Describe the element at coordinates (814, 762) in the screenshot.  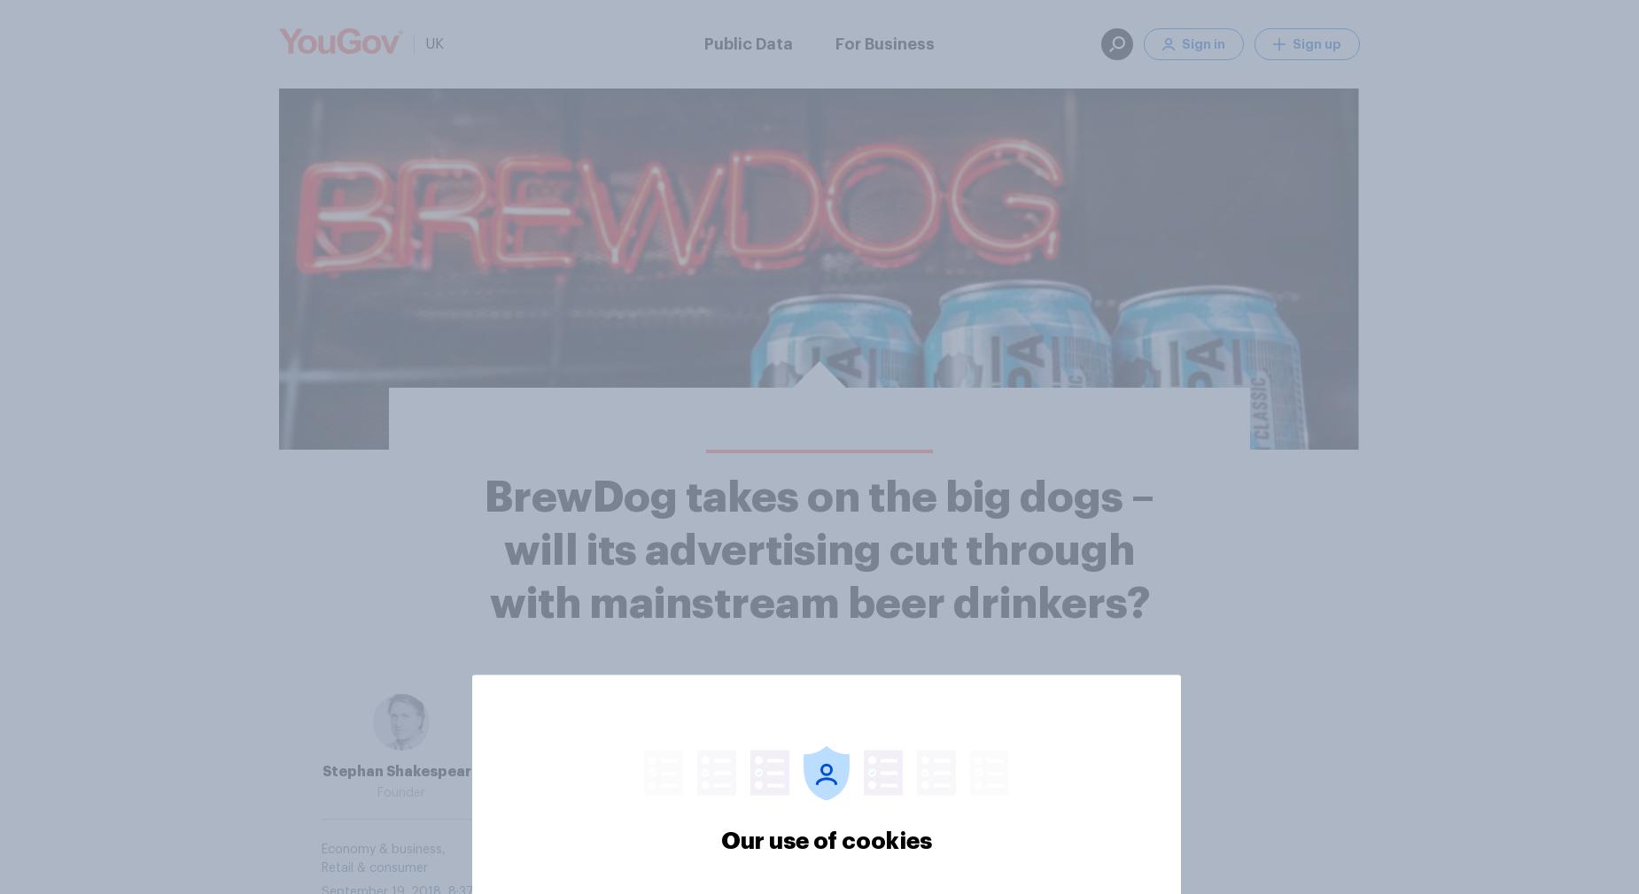
I see `'In its well-documented climb from independent disruptor to industry giant, craft beer brand BrewDog has successfully created a unique name for itself, now sitting at the top of the shelf alongside major industry names.'` at that location.